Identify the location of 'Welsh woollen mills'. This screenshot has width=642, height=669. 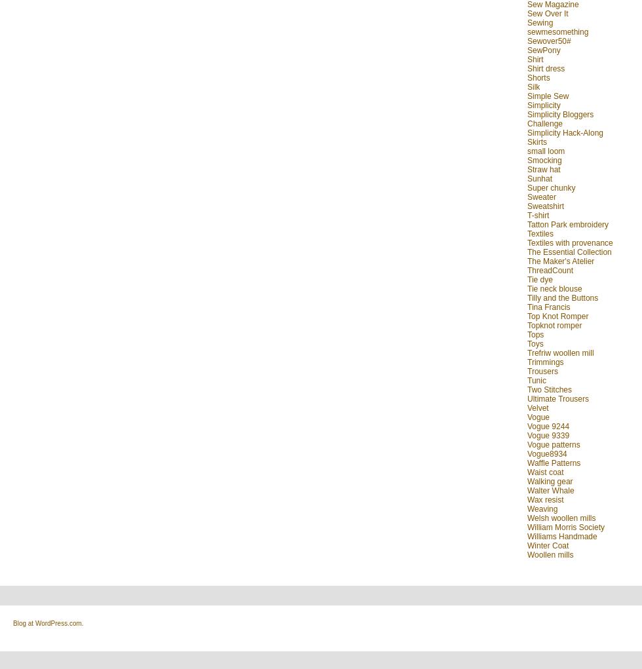
(527, 517).